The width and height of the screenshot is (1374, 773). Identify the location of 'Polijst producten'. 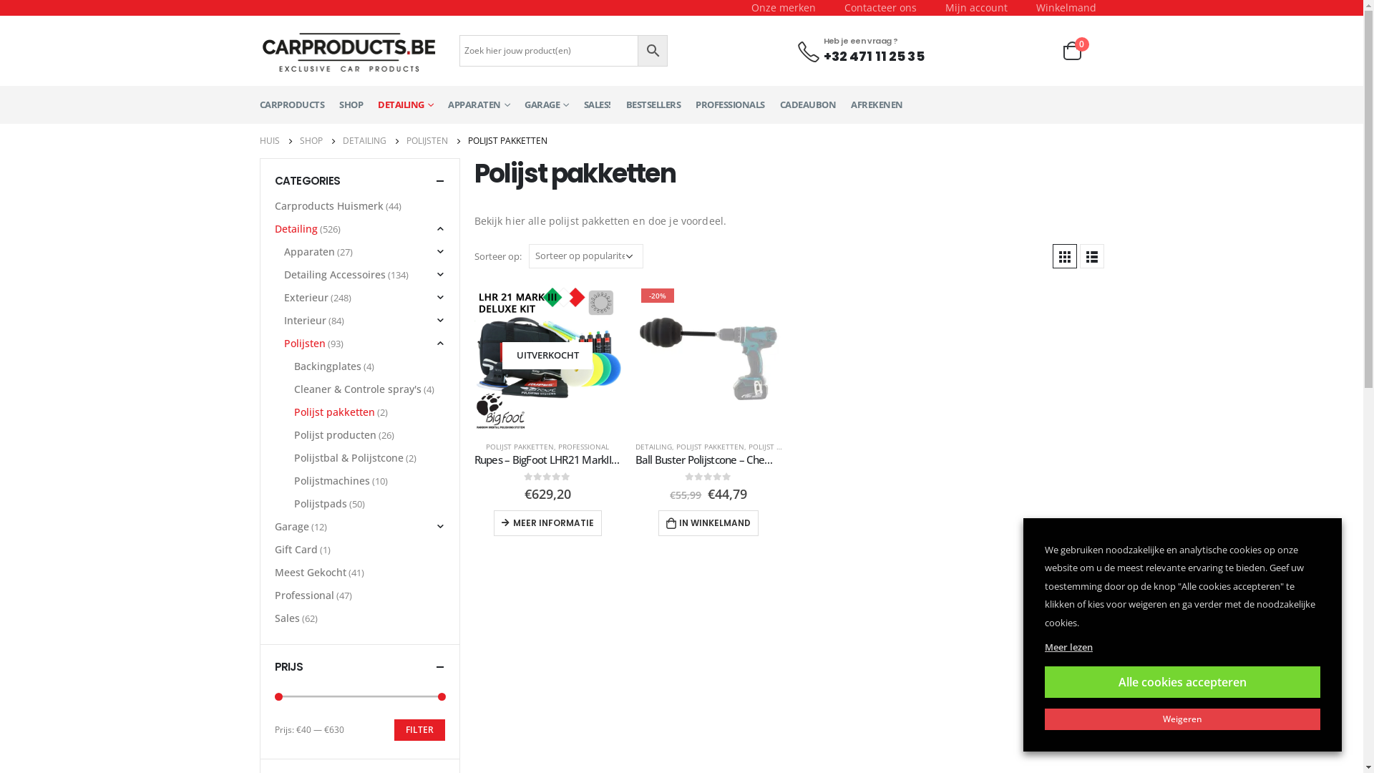
(334, 434).